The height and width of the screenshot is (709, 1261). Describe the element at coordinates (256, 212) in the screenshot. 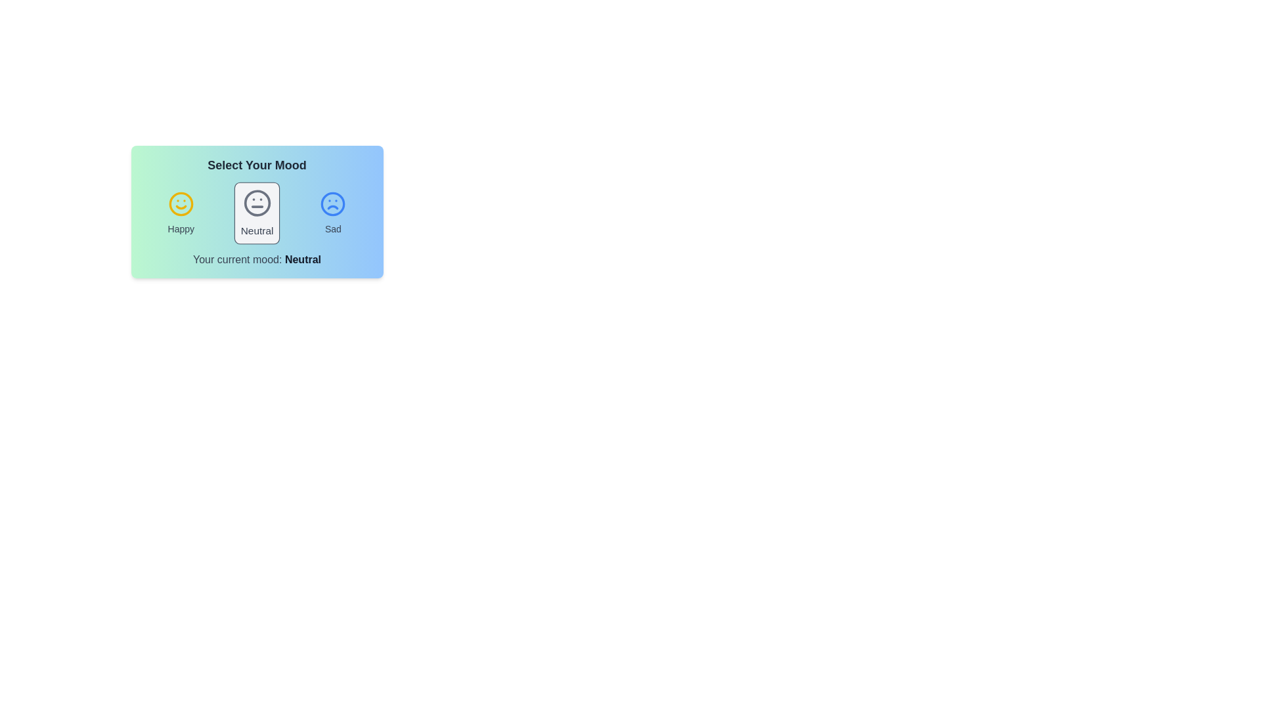

I see `the mood neutral by clicking on the respective icon` at that location.